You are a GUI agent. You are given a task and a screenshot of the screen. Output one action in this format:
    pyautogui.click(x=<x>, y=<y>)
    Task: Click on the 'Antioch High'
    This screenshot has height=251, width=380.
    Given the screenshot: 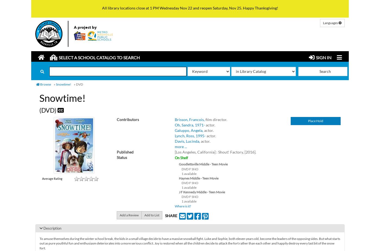 What is the action you would take?
    pyautogui.click(x=67, y=92)
    